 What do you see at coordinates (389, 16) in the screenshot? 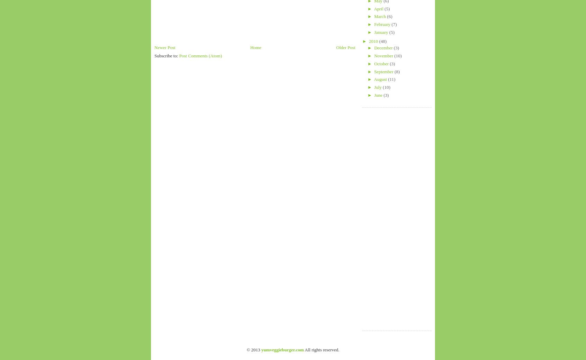
I see `'(6)'` at bounding box center [389, 16].